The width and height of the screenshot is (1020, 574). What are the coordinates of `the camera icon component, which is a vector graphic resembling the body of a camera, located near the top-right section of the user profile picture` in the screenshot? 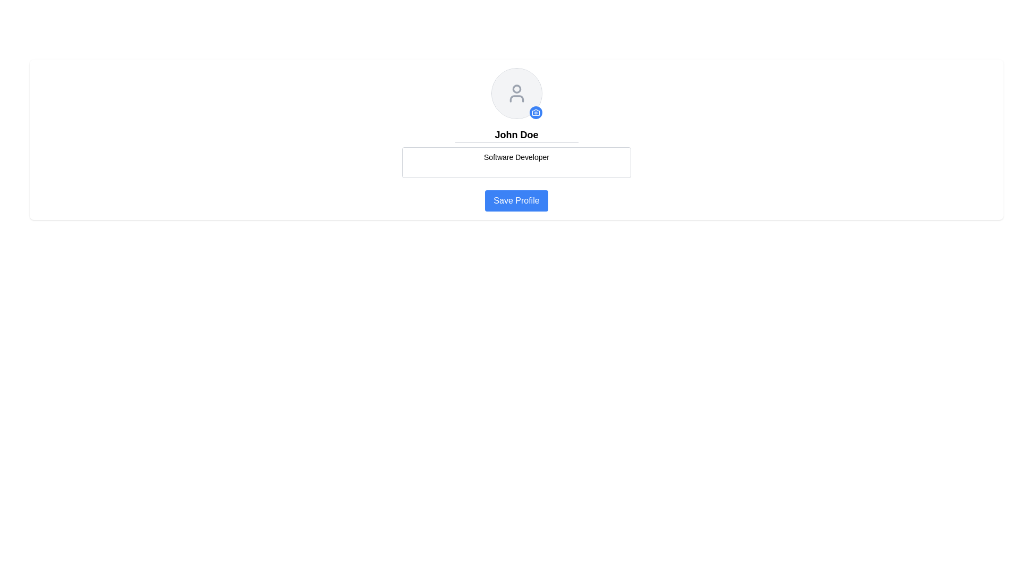 It's located at (535, 113).